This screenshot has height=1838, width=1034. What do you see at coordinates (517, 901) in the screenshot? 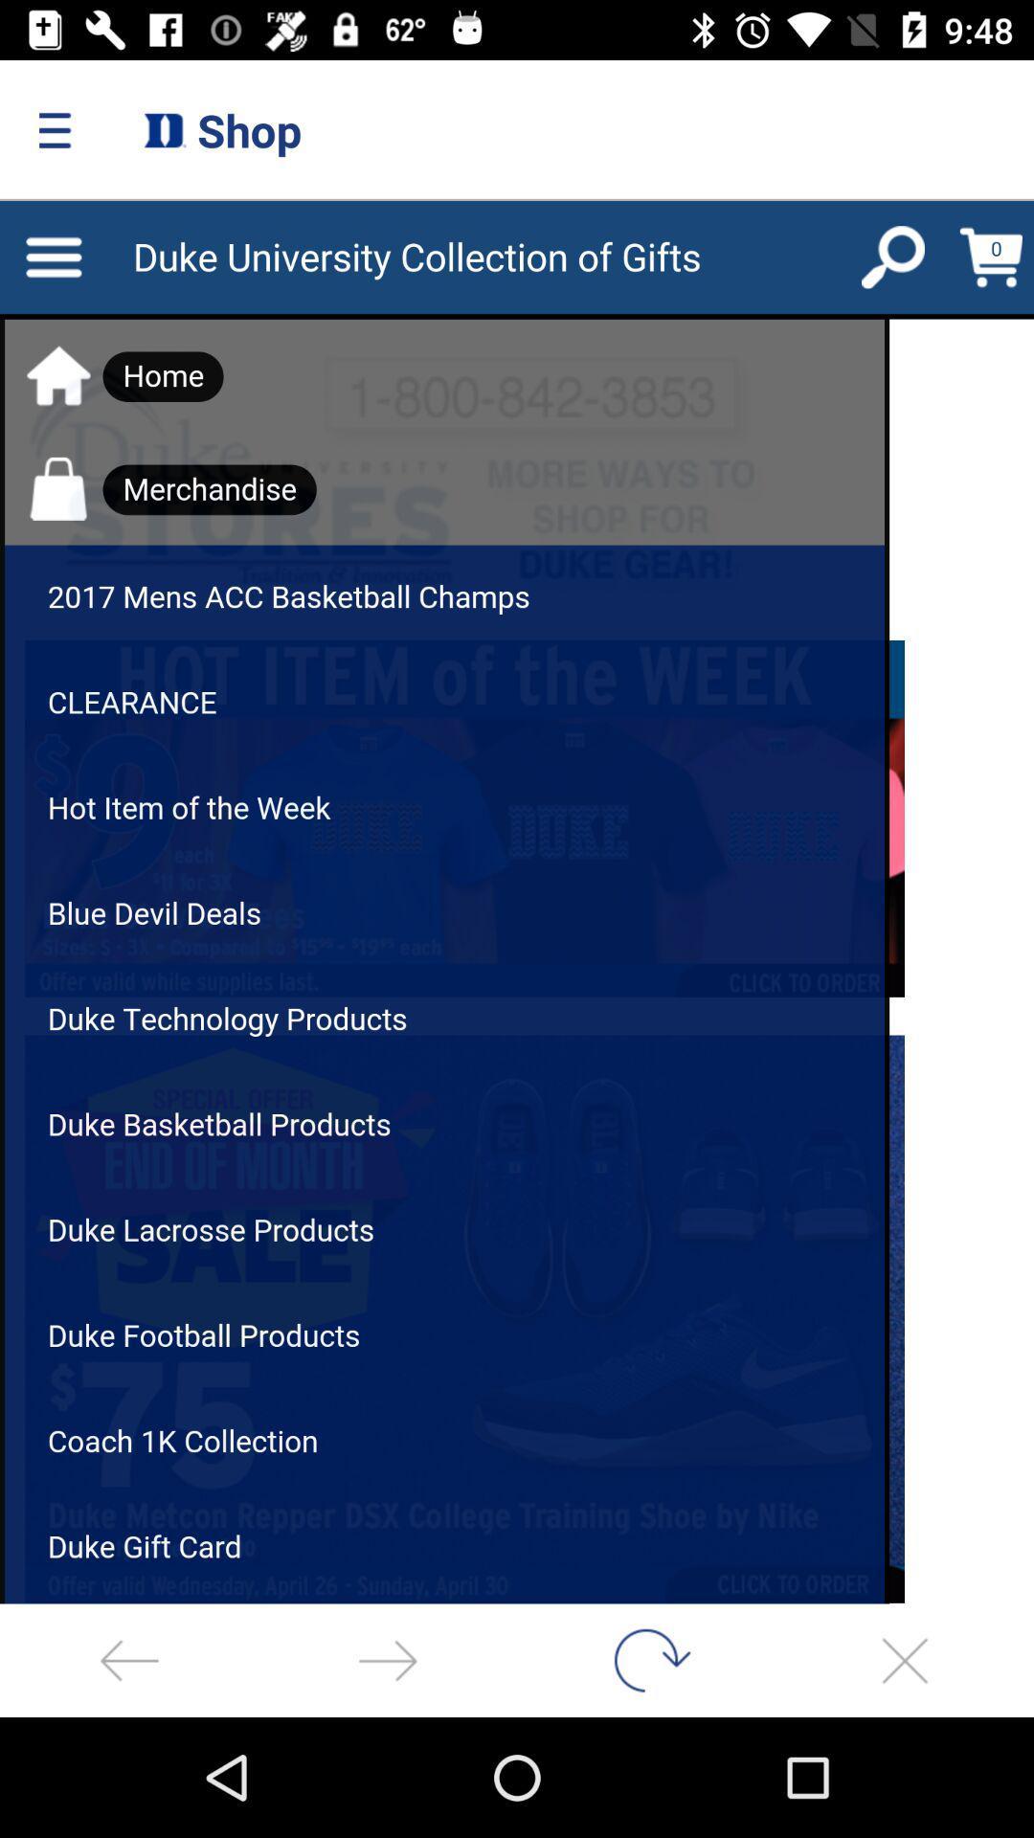
I see `menu` at bounding box center [517, 901].